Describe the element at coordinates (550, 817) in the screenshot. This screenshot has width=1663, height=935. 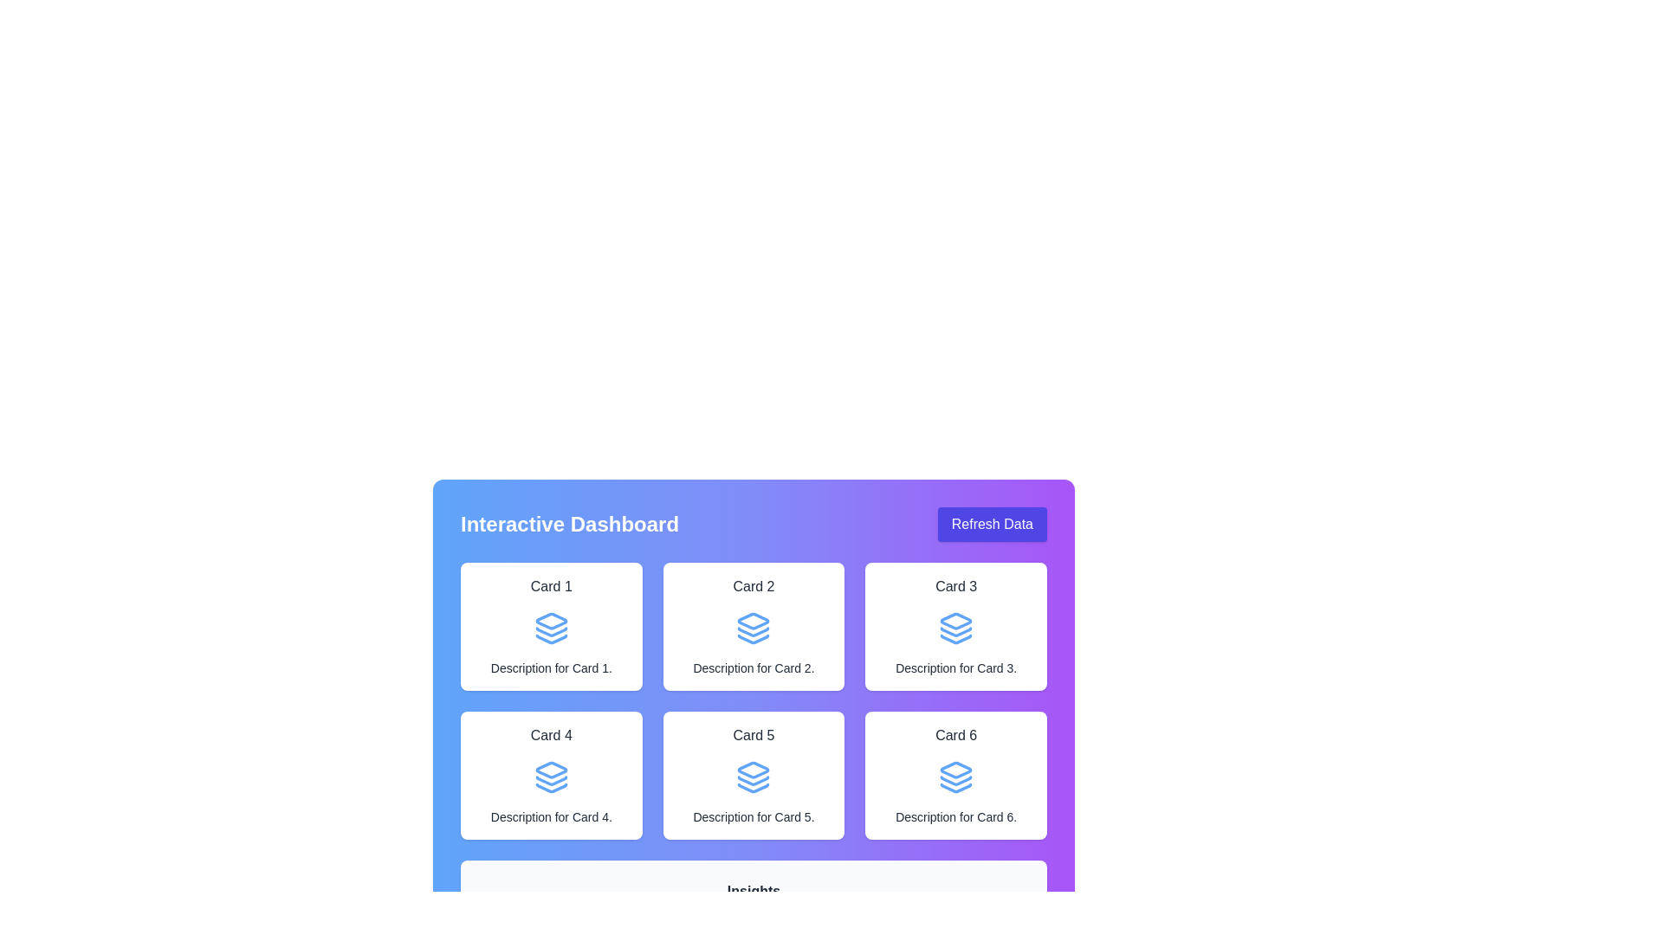
I see `the static text label displaying 'Description for Card 4.', which is located beneath the icon and heading of 'Card 4' in the second row, first column of the grid layout` at that location.